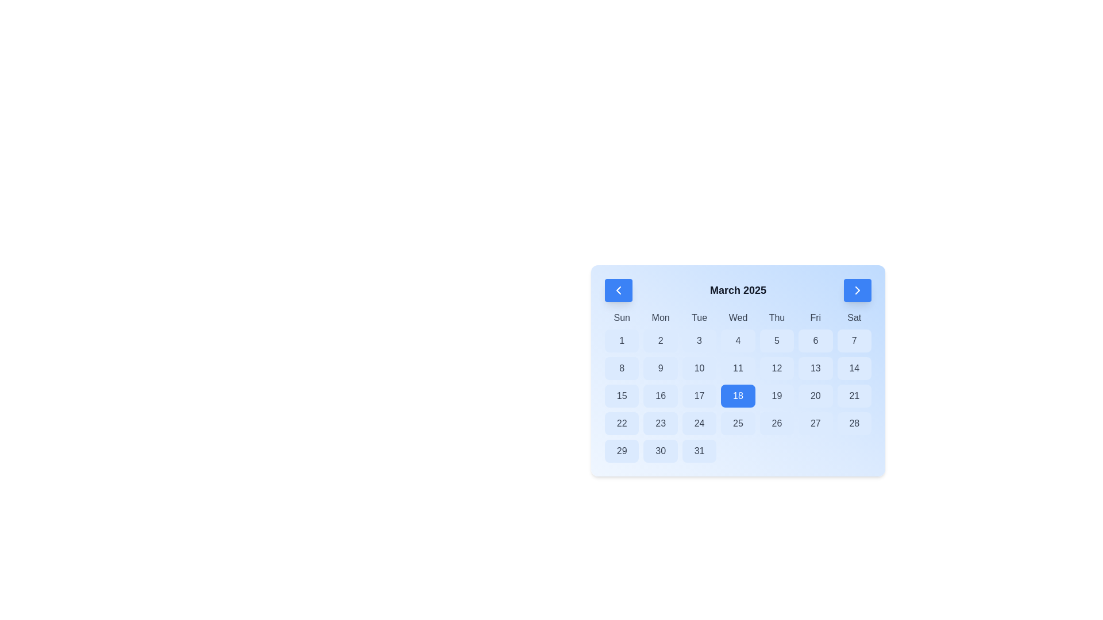 The height and width of the screenshot is (620, 1103). What do you see at coordinates (854, 368) in the screenshot?
I see `the interactive calendar day button for the date '14' located under the 'Saturday' column` at bounding box center [854, 368].